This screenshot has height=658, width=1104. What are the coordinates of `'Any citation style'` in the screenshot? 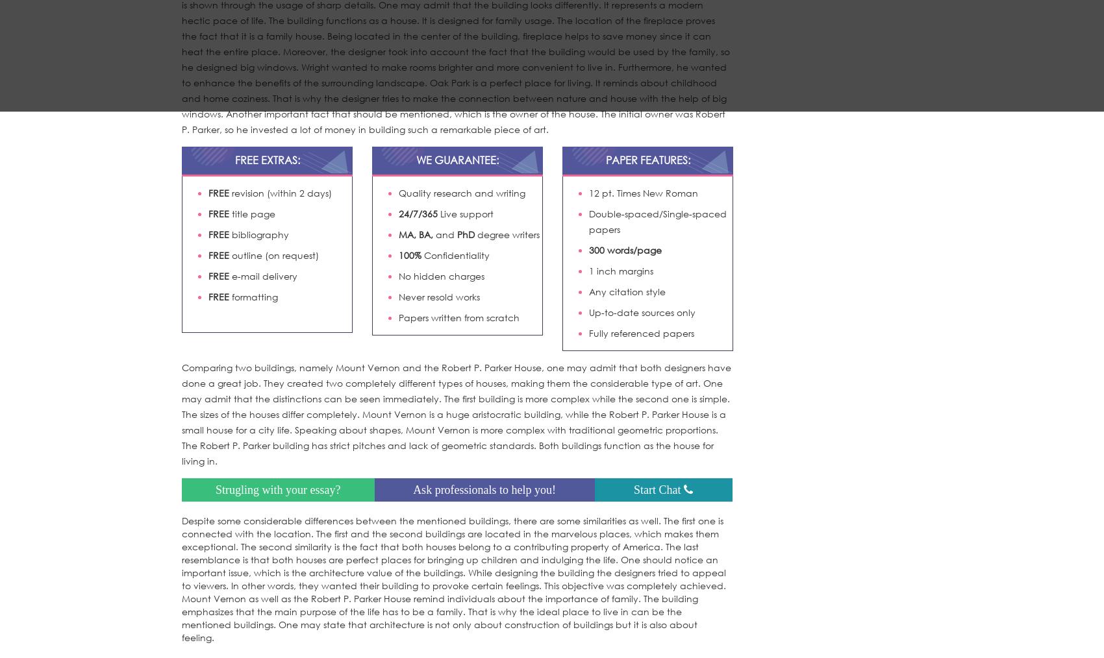 It's located at (626, 291).